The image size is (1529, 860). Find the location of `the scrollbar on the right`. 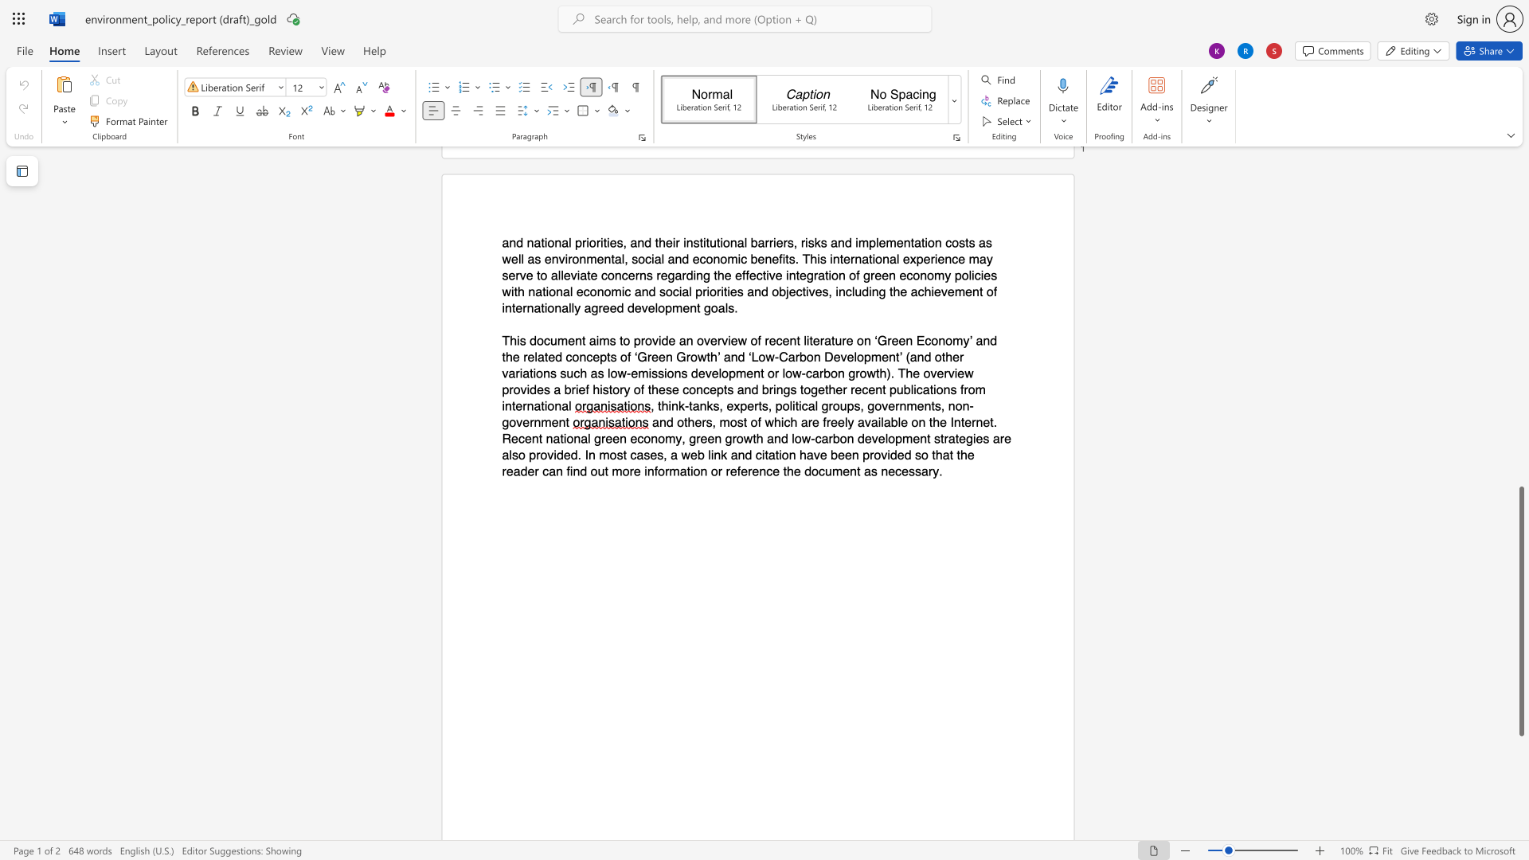

the scrollbar on the right is located at coordinates (1520, 420).